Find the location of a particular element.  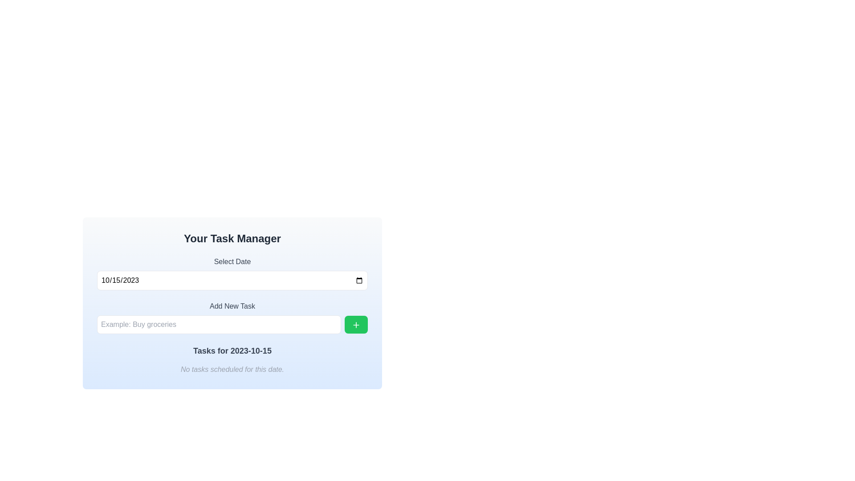

the green rectangular button with a white plus sign icon located to the right of the input field labeled 'Example: Buy groceries' in the 'Add New Task' section is located at coordinates (356, 325).